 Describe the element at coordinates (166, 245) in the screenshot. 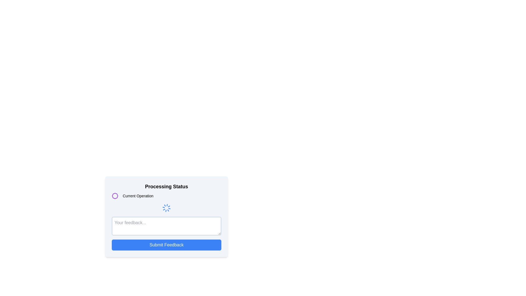

I see `the 'Submit Feedback' button, which is a bright blue button with white text, located at the bottom of the card interface` at that location.